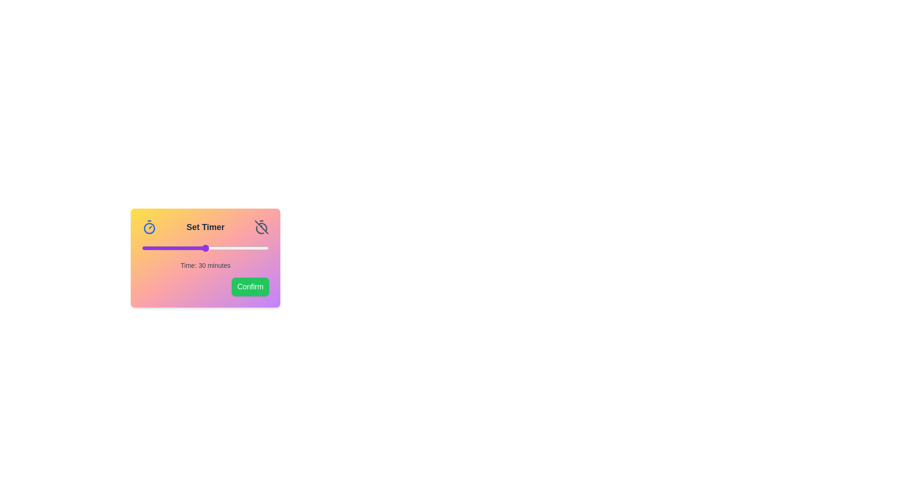 The image size is (897, 504). Describe the element at coordinates (157, 248) in the screenshot. I see `the slider to set the timer to 7 minutes` at that location.